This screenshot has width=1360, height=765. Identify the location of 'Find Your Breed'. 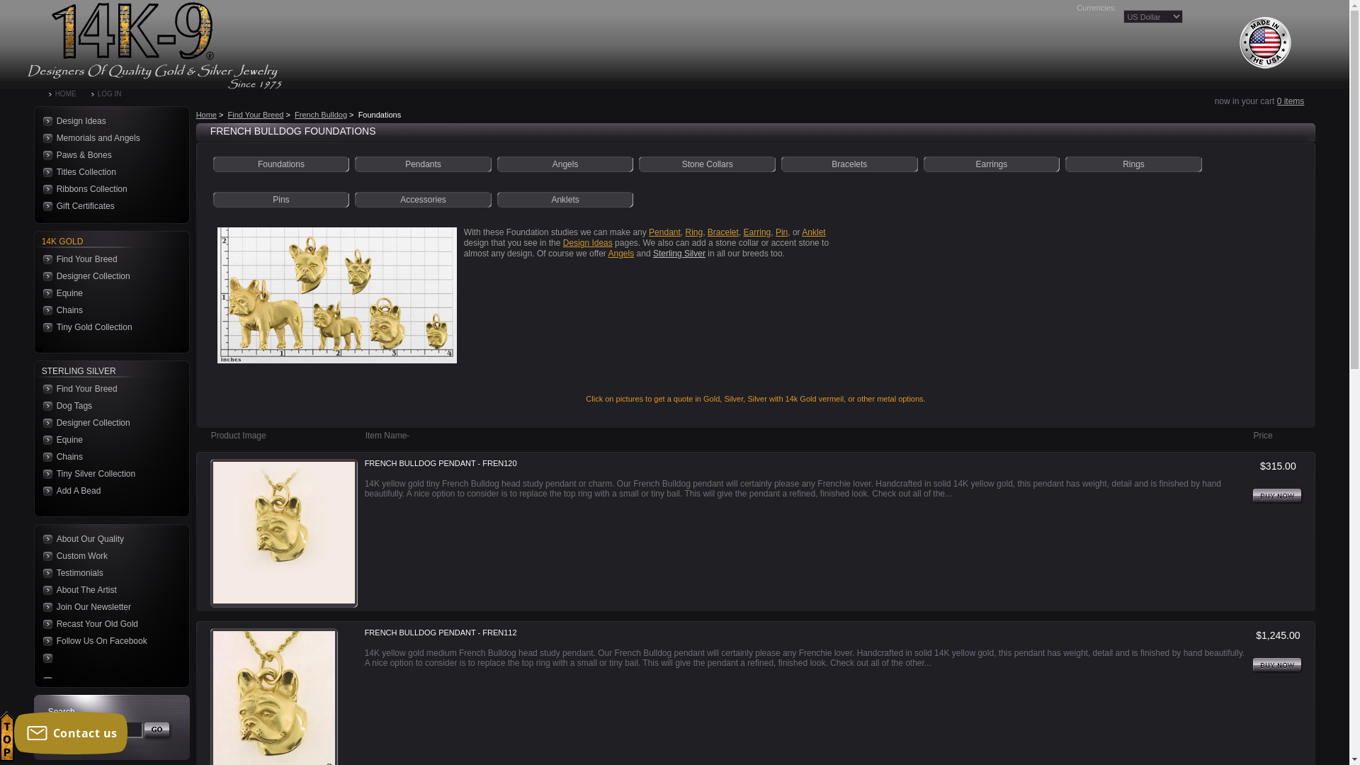
(107, 388).